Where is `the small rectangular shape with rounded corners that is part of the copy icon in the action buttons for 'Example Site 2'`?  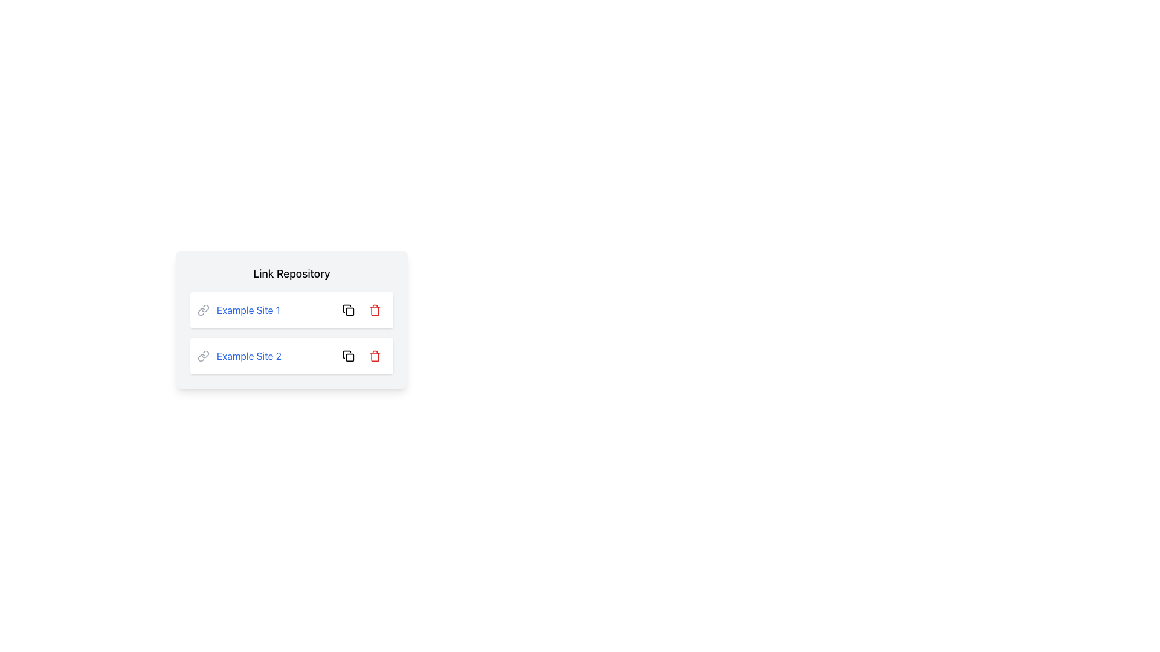
the small rectangular shape with rounded corners that is part of the copy icon in the action buttons for 'Example Site 2' is located at coordinates (349, 357).